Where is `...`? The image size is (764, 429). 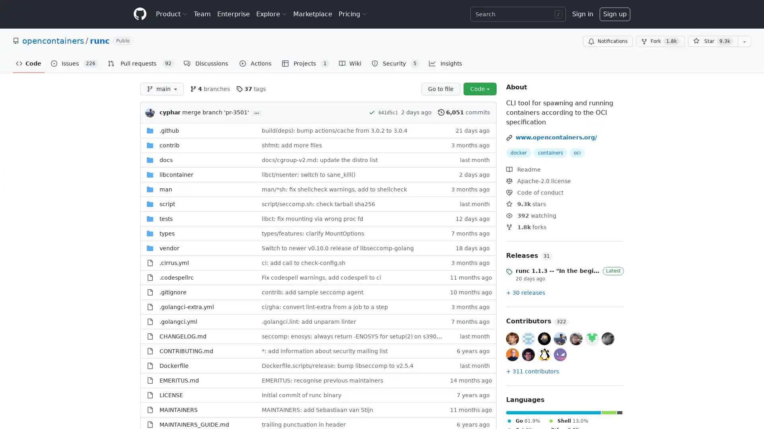
... is located at coordinates (256, 113).